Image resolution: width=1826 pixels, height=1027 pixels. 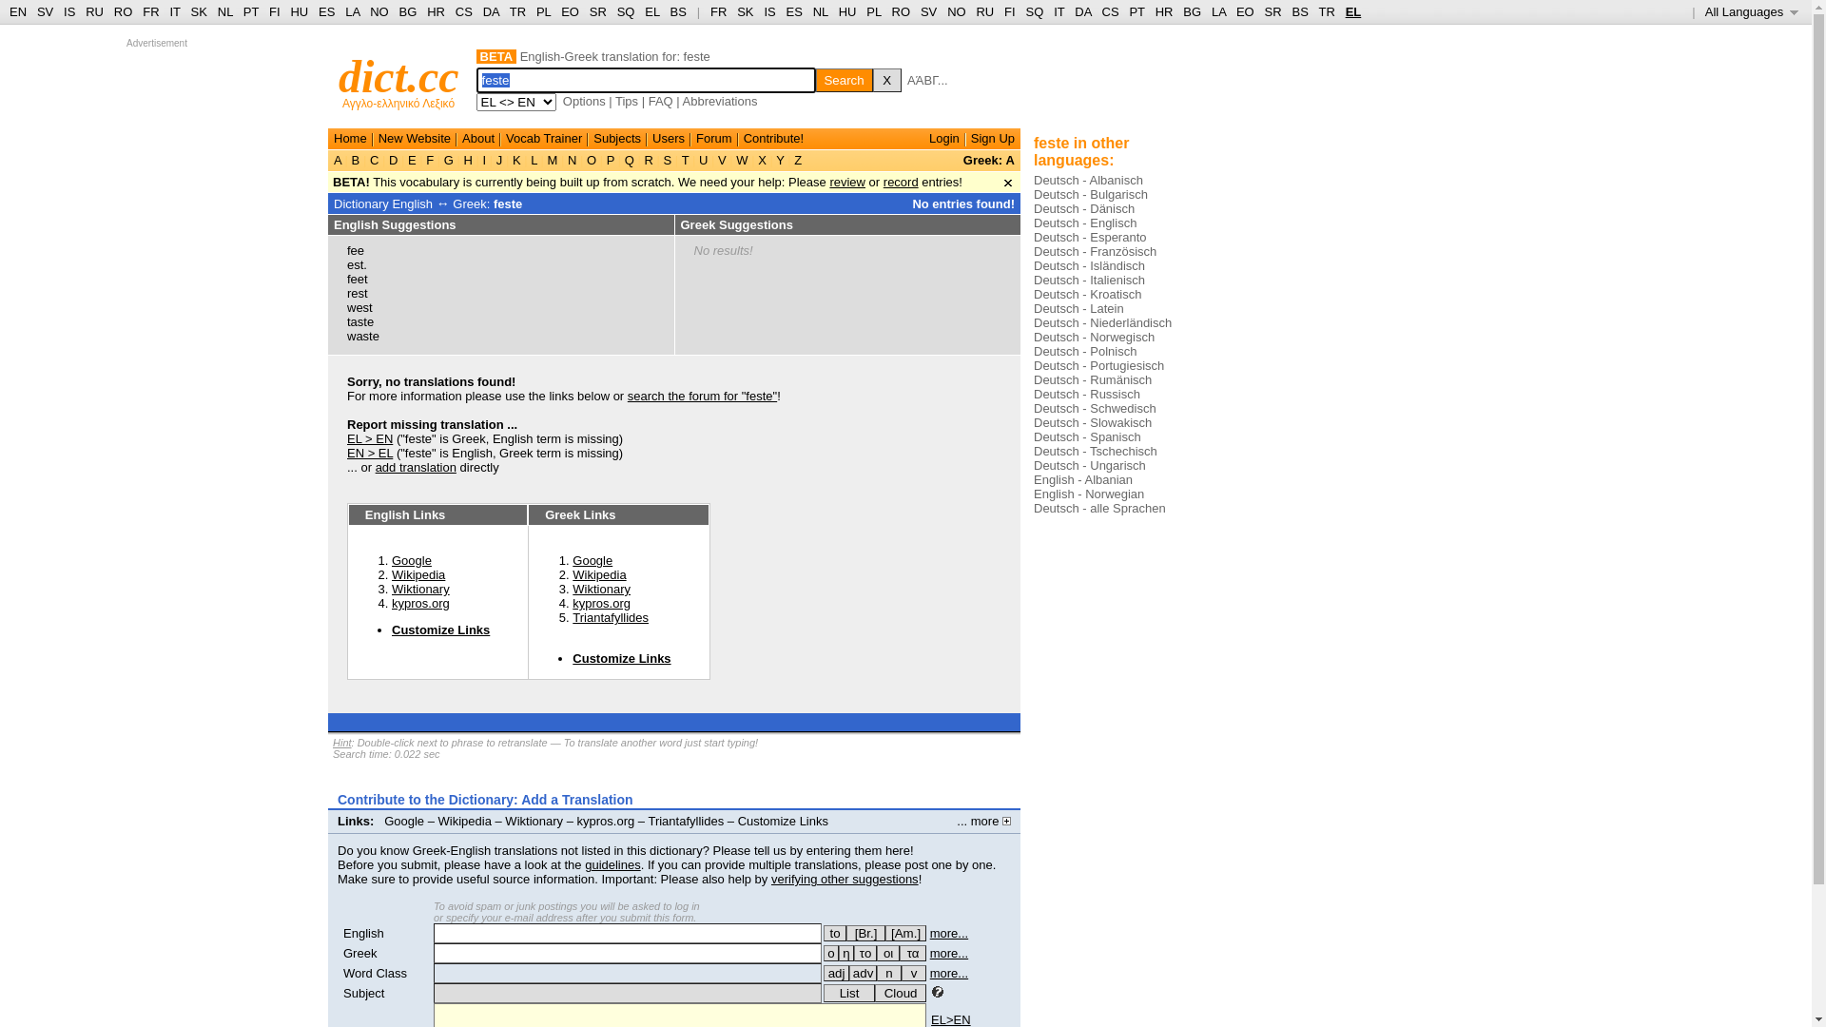 What do you see at coordinates (668, 137) in the screenshot?
I see `'Users'` at bounding box center [668, 137].